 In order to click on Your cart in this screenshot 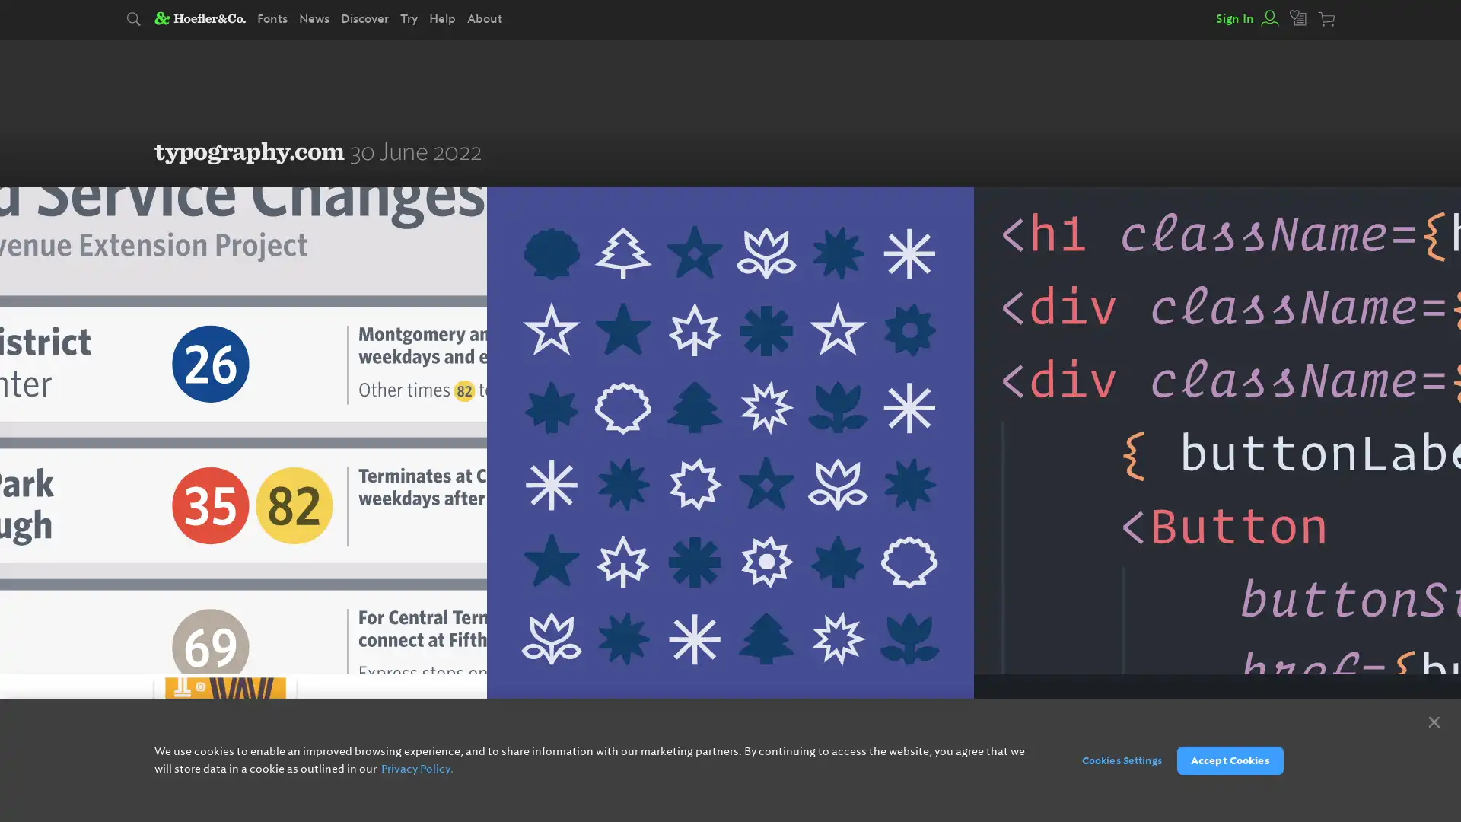, I will do `click(1327, 20)`.